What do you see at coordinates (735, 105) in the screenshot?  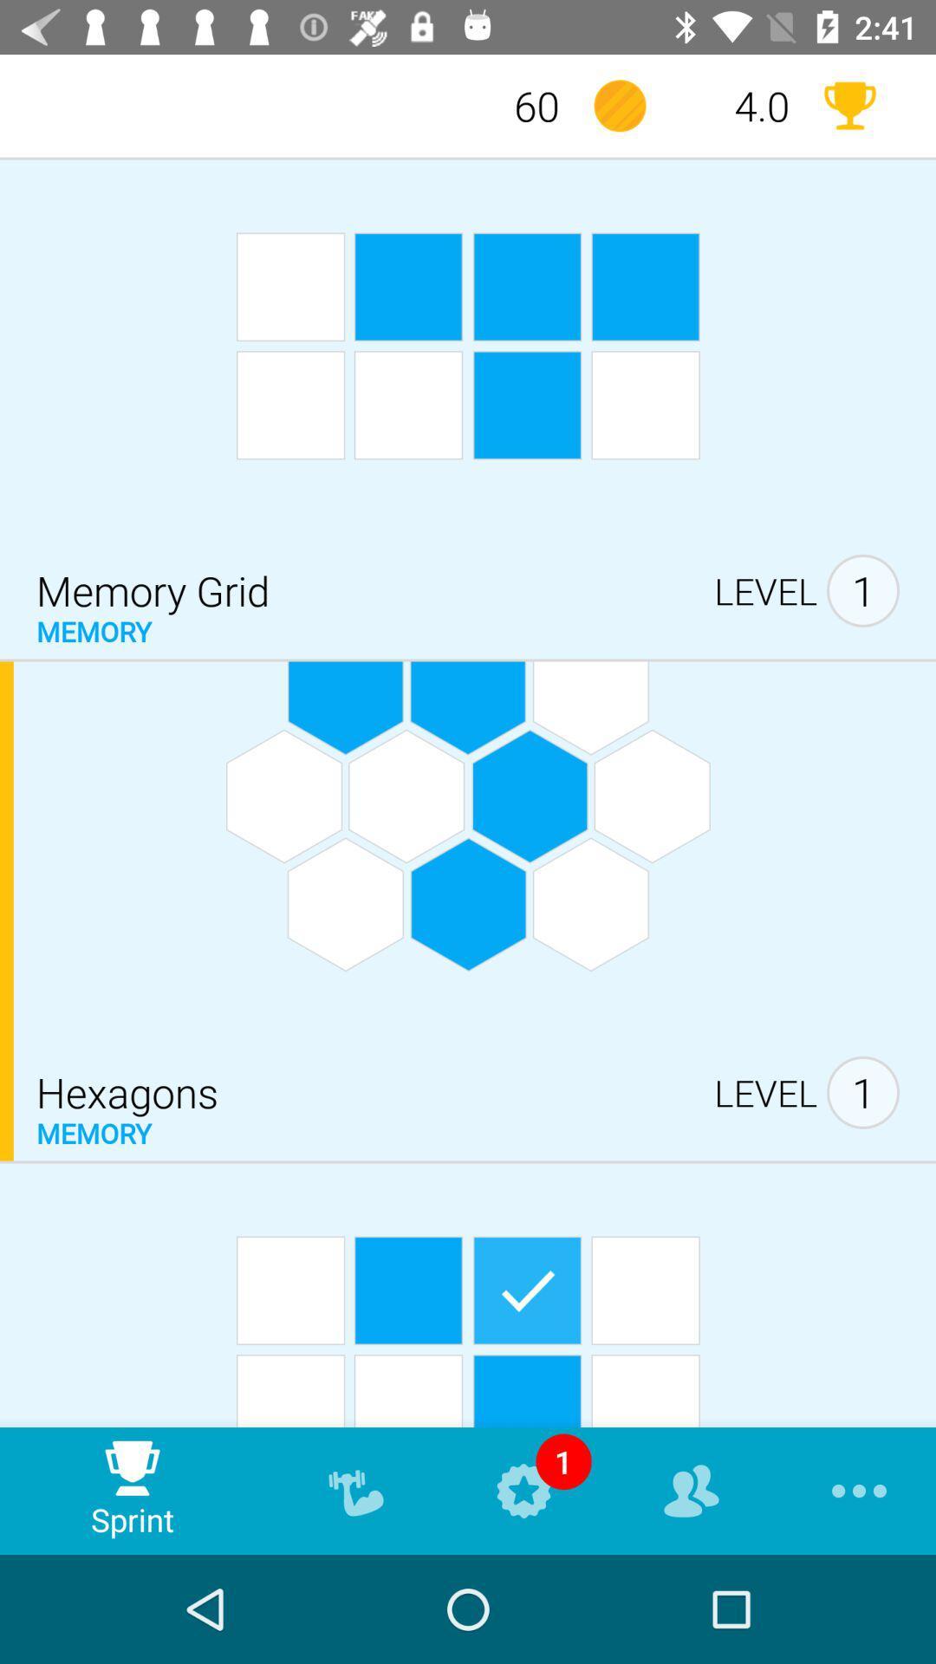 I see `4.0` at bounding box center [735, 105].